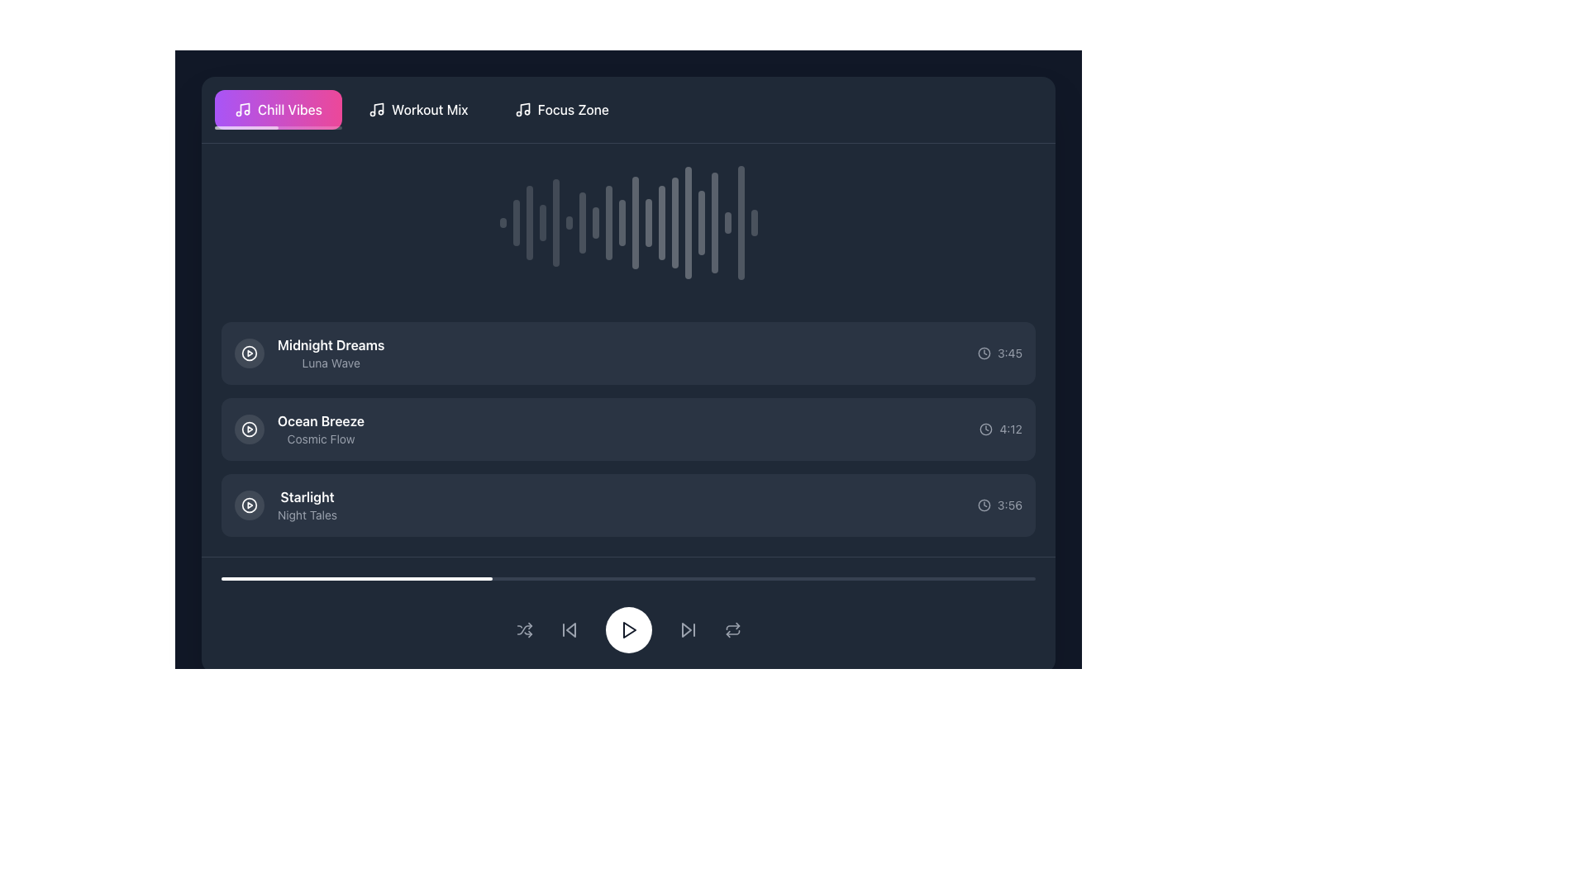 Image resolution: width=1587 pixels, height=892 pixels. What do you see at coordinates (529, 223) in the screenshot?
I see `the animation of the third vertical Waveform bar, which is part of a visual audio playback display under the navigation tabs` at bounding box center [529, 223].